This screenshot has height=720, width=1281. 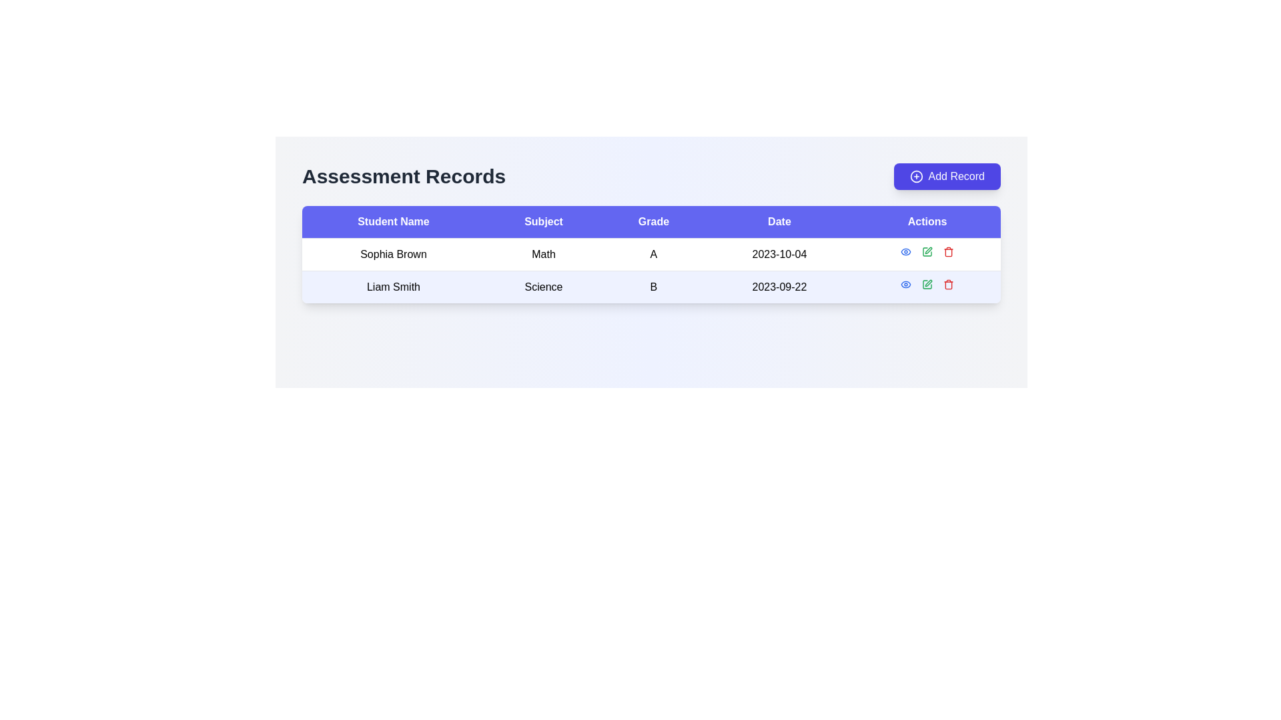 What do you see at coordinates (544, 221) in the screenshot?
I see `the Table Header Cell with the purple background and white text 'Subject', which is the second column header in a table` at bounding box center [544, 221].